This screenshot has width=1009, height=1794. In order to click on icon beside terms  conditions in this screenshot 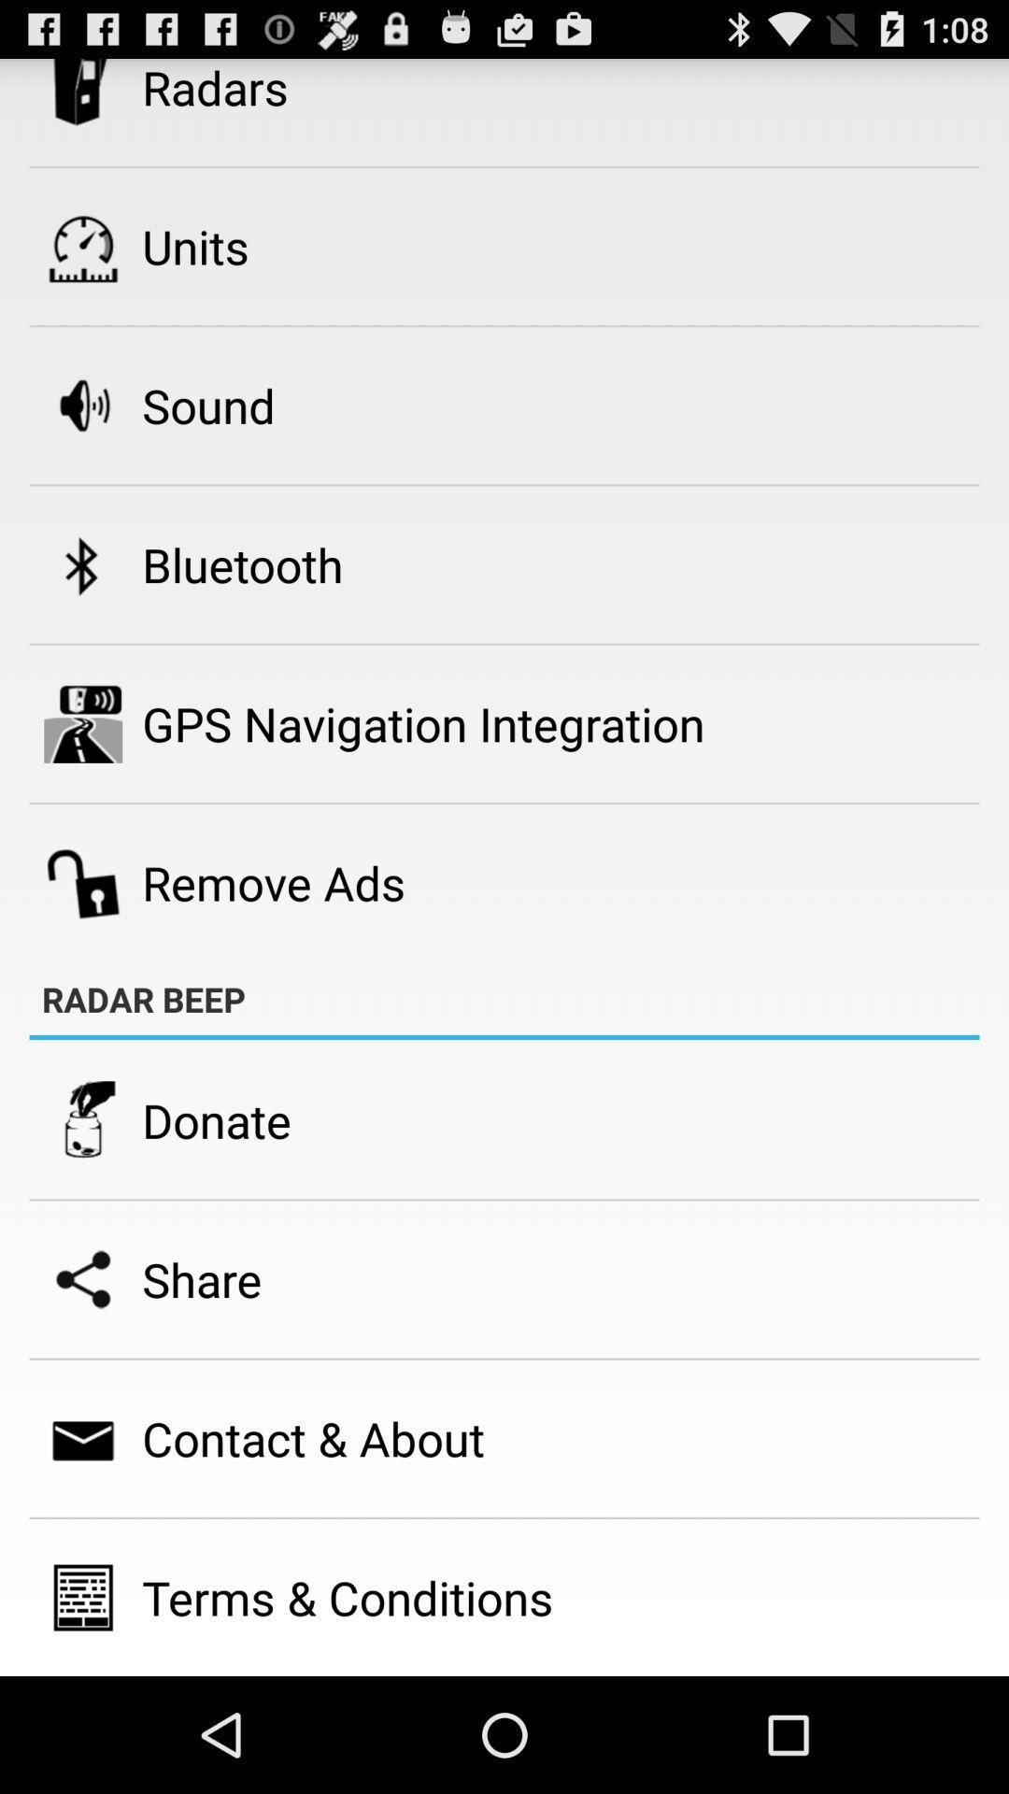, I will do `click(81, 1596)`.